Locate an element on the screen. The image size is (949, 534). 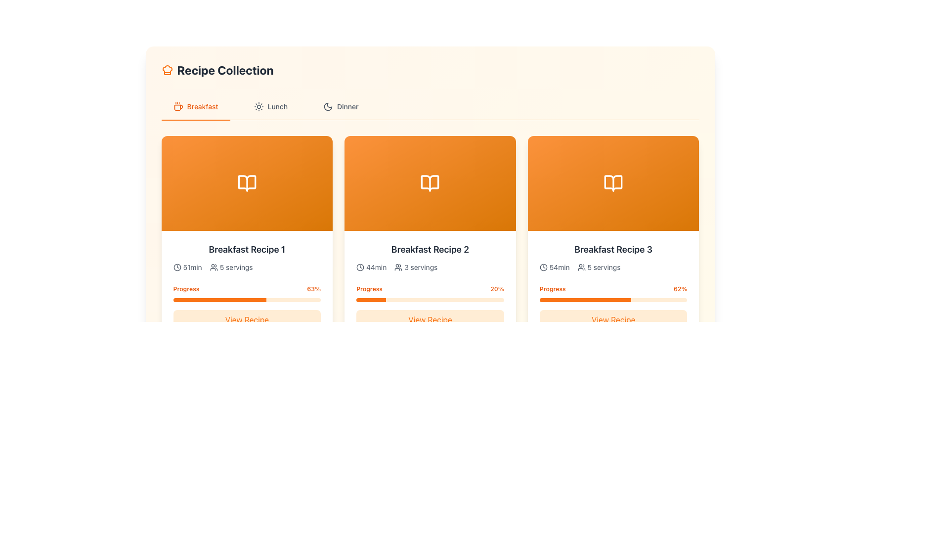
the SVG icon representing a group of people, which is located to the left of the '5 servings' text label, under the title 'Breakfast Recipe 3' is located at coordinates (581, 267).